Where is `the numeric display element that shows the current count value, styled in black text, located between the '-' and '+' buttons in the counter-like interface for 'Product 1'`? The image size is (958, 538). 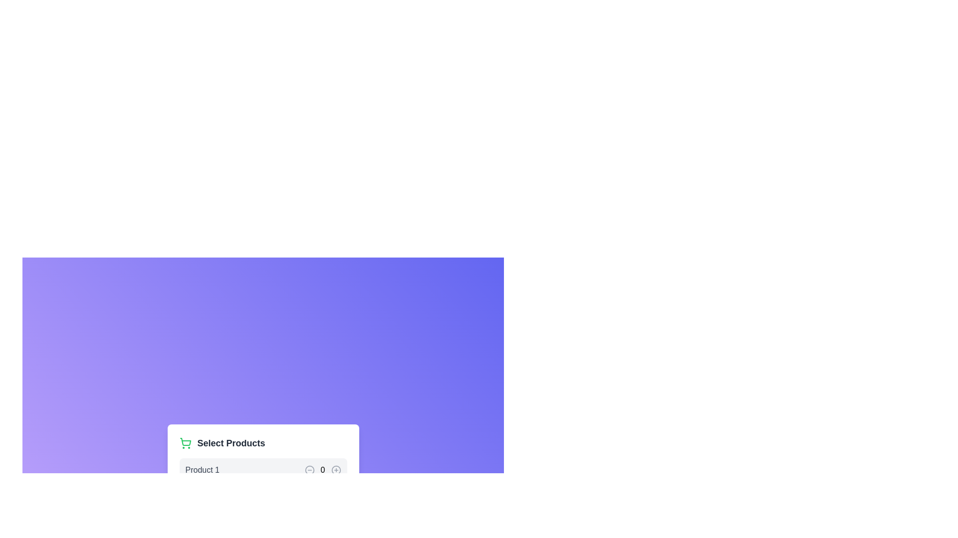 the numeric display element that shows the current count value, styled in black text, located between the '-' and '+' buttons in the counter-like interface for 'Product 1' is located at coordinates (323, 470).